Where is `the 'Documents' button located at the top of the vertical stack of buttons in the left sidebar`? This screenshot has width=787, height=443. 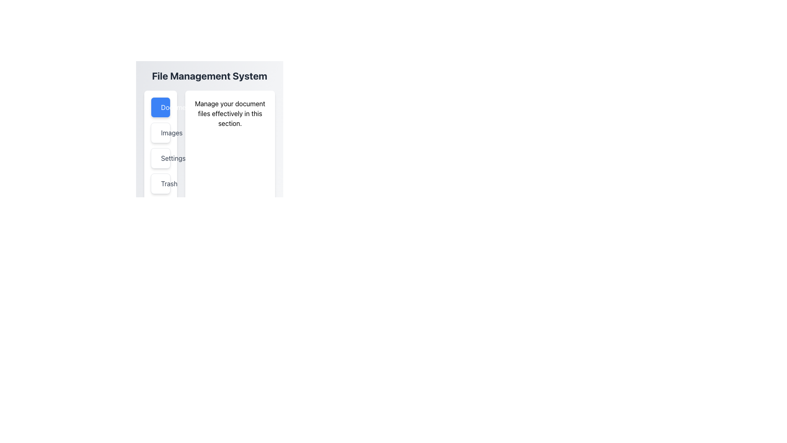
the 'Documents' button located at the top of the vertical stack of buttons in the left sidebar is located at coordinates (160, 107).